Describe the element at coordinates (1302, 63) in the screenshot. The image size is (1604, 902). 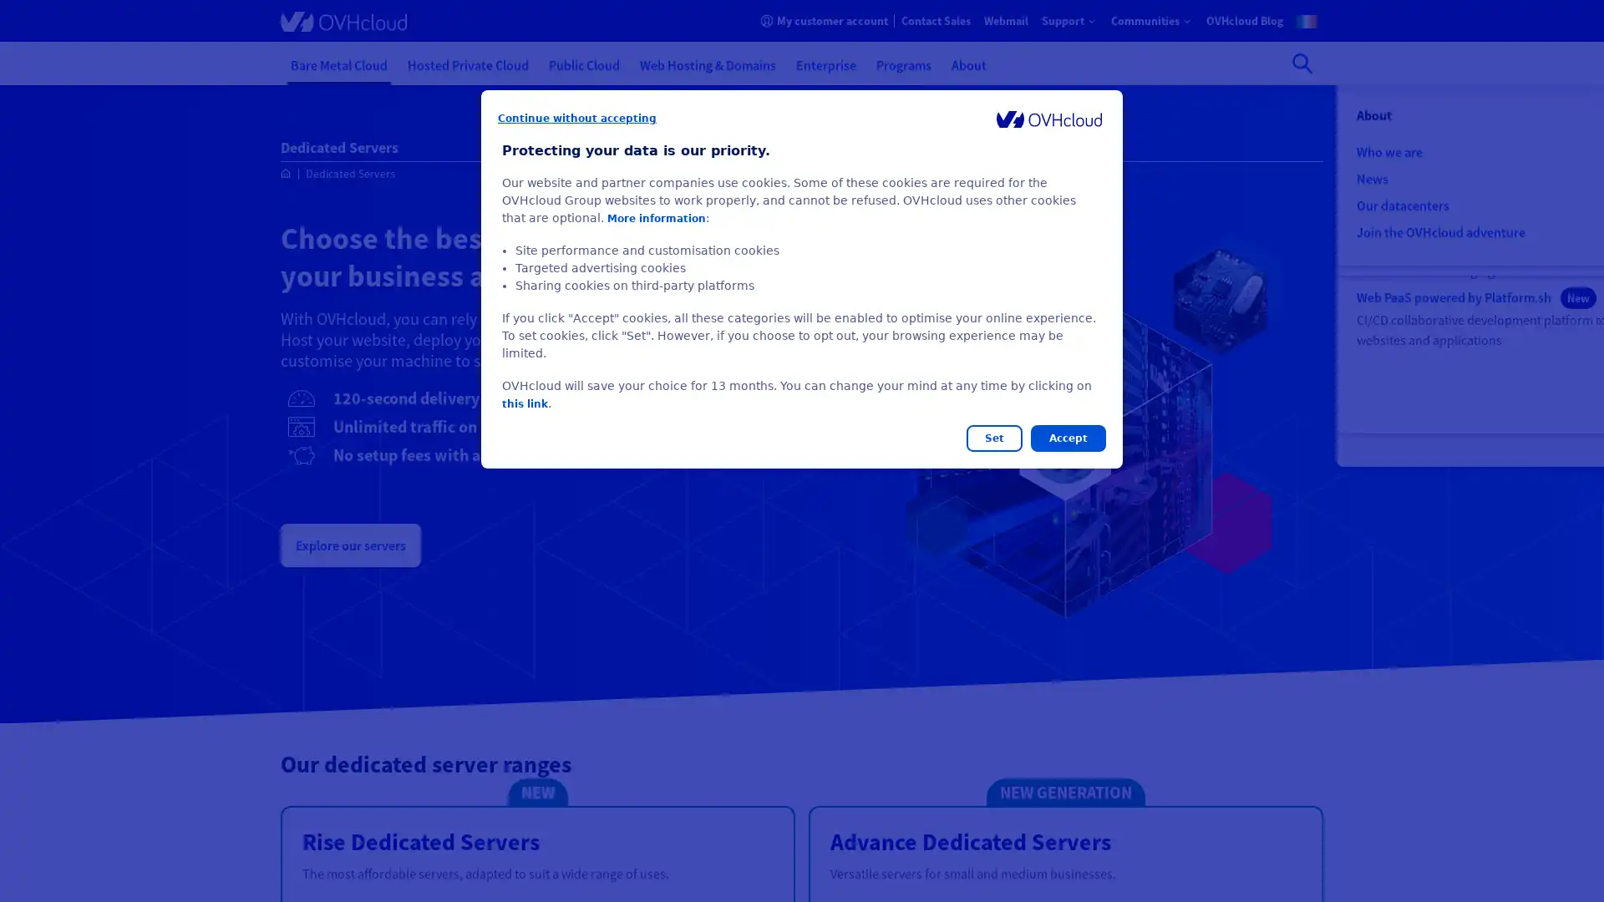
I see `Open search bar` at that location.